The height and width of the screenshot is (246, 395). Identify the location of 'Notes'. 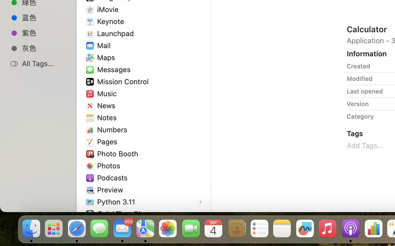
(108, 118).